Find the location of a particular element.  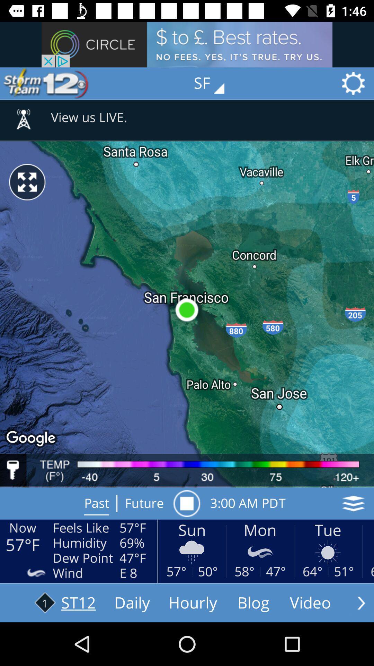

the item to the right of future icon is located at coordinates (186, 503).